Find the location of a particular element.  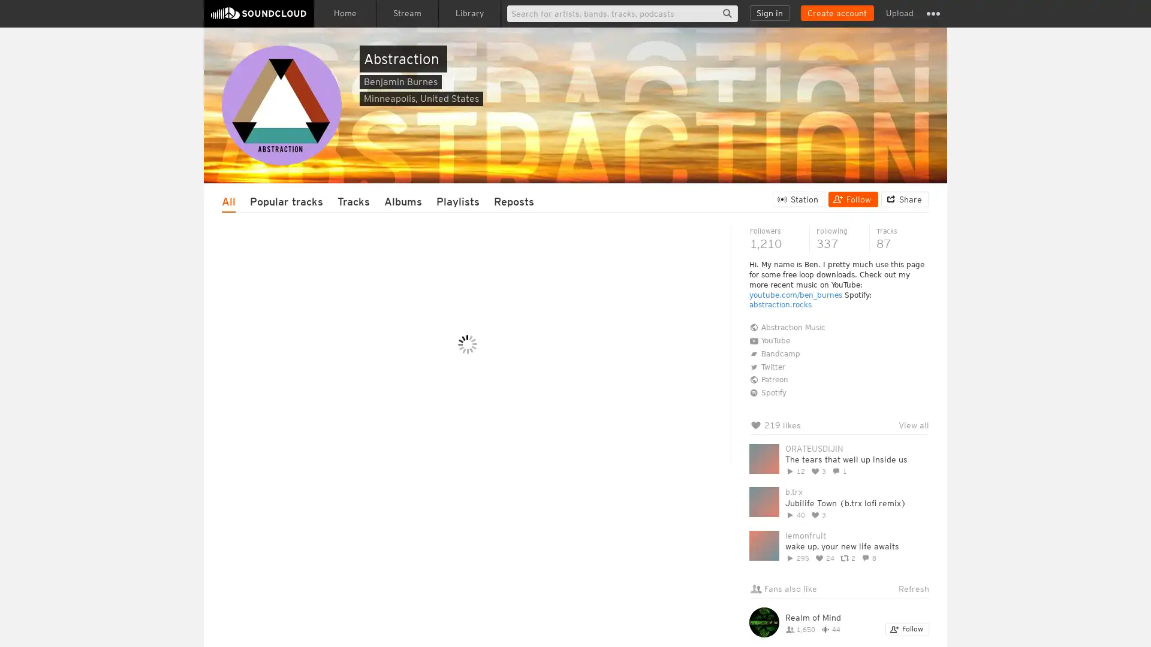

Search is located at coordinates (727, 13).